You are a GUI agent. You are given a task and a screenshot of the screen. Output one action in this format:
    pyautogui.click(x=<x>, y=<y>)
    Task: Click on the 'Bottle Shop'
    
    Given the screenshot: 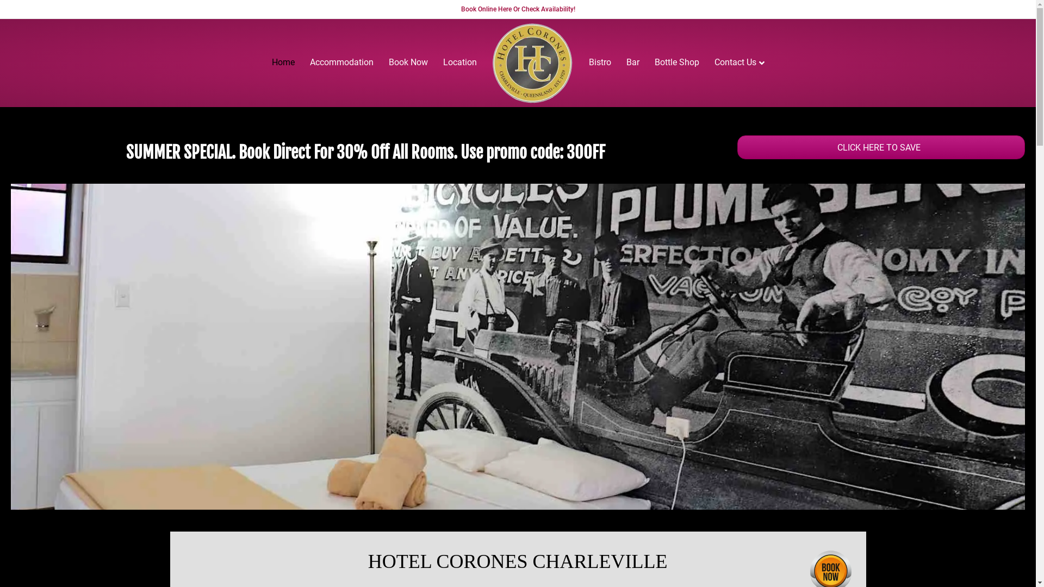 What is the action you would take?
    pyautogui.click(x=647, y=63)
    